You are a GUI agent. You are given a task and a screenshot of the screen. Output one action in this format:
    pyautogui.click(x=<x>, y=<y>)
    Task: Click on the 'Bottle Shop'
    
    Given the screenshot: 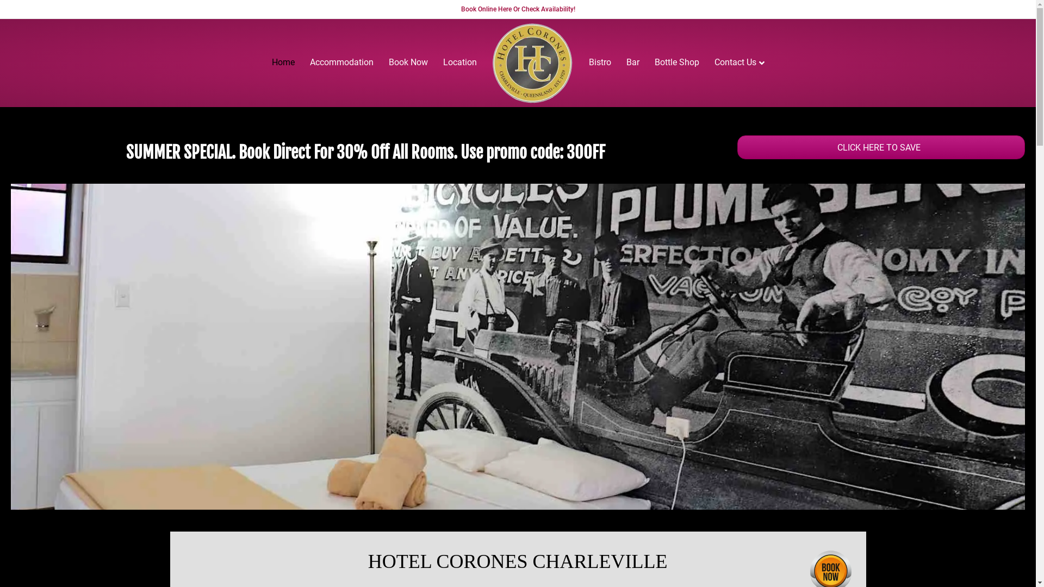 What is the action you would take?
    pyautogui.click(x=647, y=63)
    